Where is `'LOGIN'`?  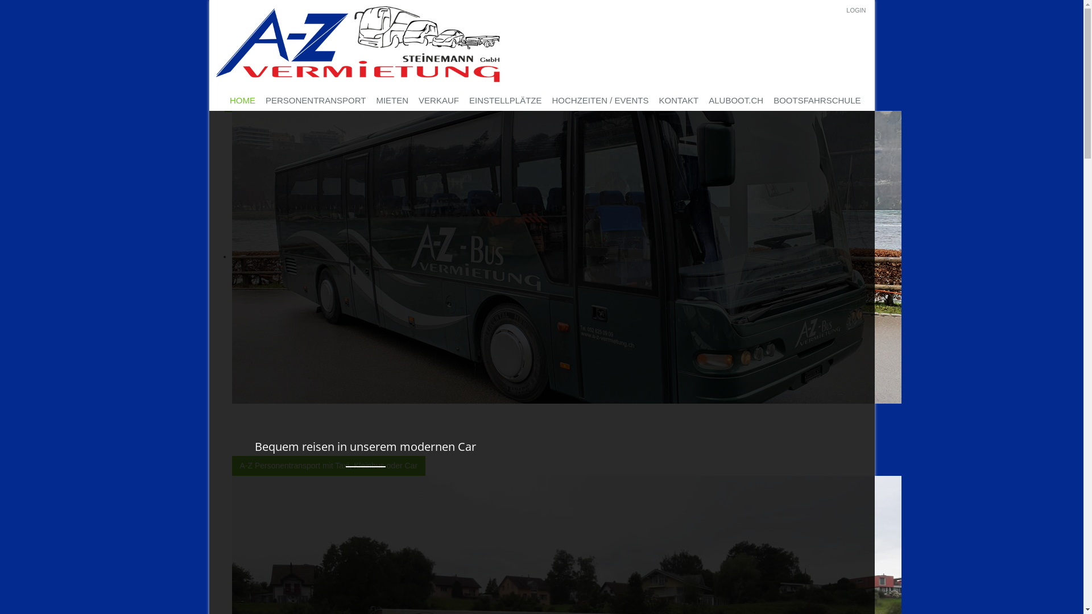
'LOGIN' is located at coordinates (846, 10).